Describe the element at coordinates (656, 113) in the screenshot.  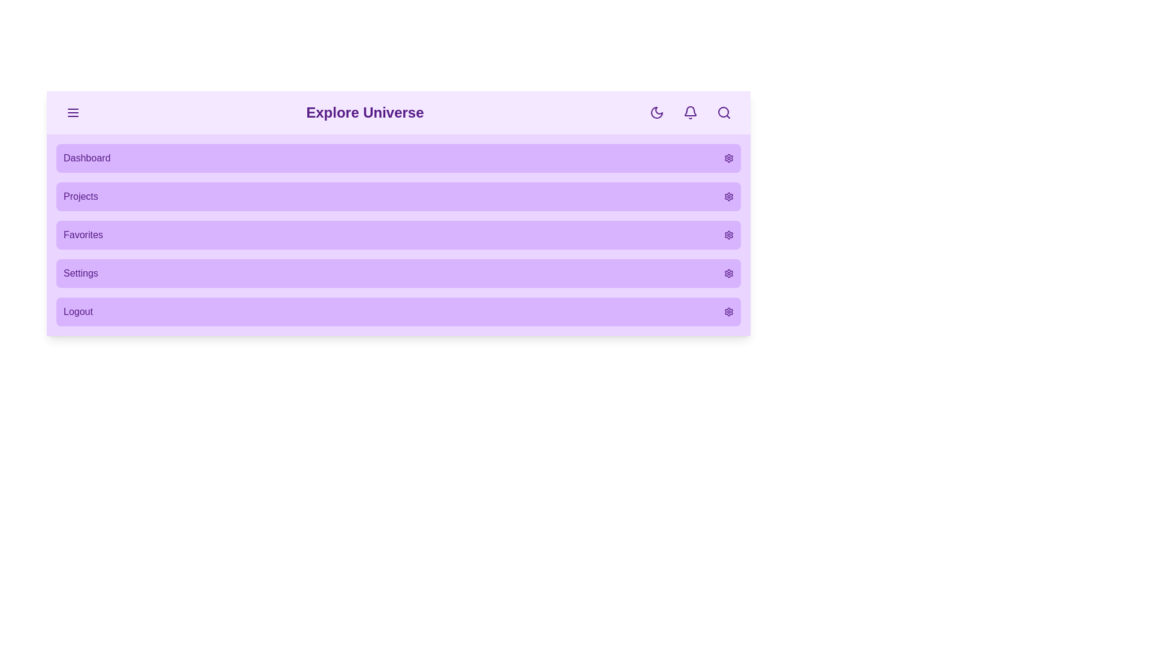
I see `the dark mode toggle button to switch between dark and light modes` at that location.